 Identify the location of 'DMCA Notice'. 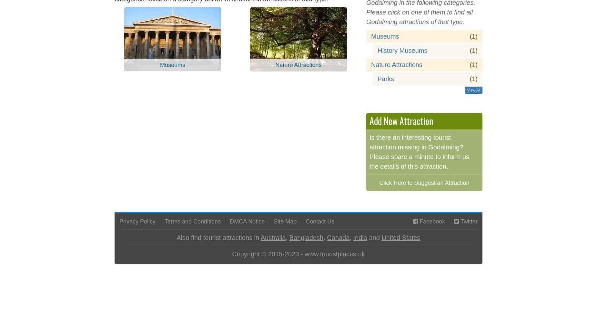
(247, 221).